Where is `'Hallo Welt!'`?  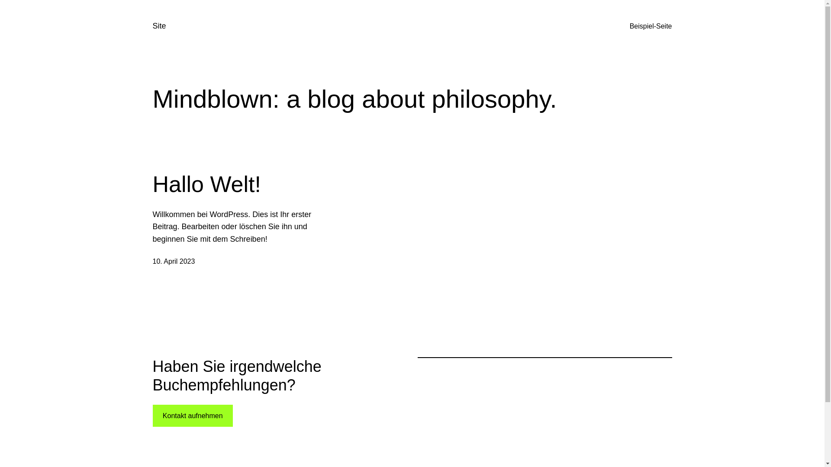
'Hallo Welt!' is located at coordinates (152, 183).